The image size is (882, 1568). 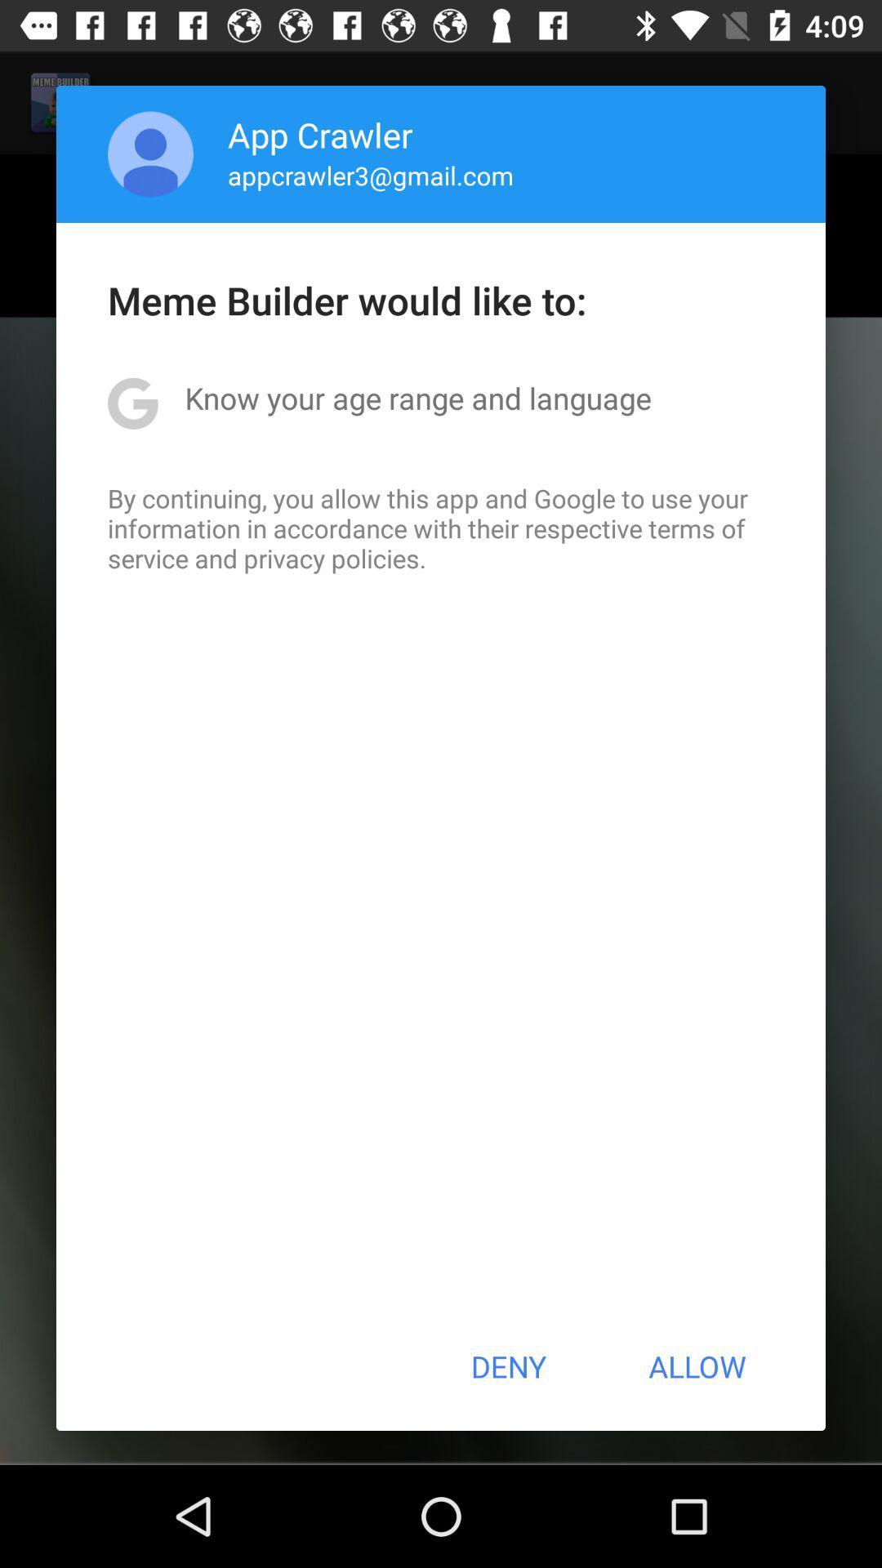 I want to click on the know your age item, so click(x=417, y=398).